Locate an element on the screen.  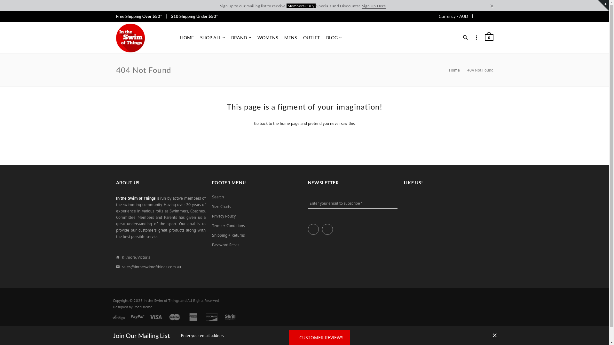
'Search' is located at coordinates (217, 197).